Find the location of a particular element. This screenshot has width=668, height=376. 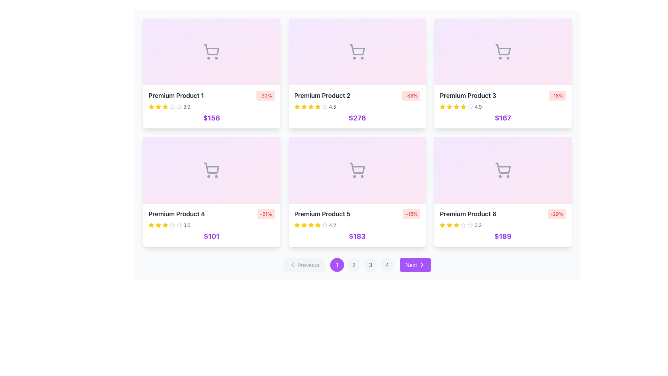

the third star icon in the 5-star rating system displayed beneath the 'Premium Product 6' information card is located at coordinates (450, 225).